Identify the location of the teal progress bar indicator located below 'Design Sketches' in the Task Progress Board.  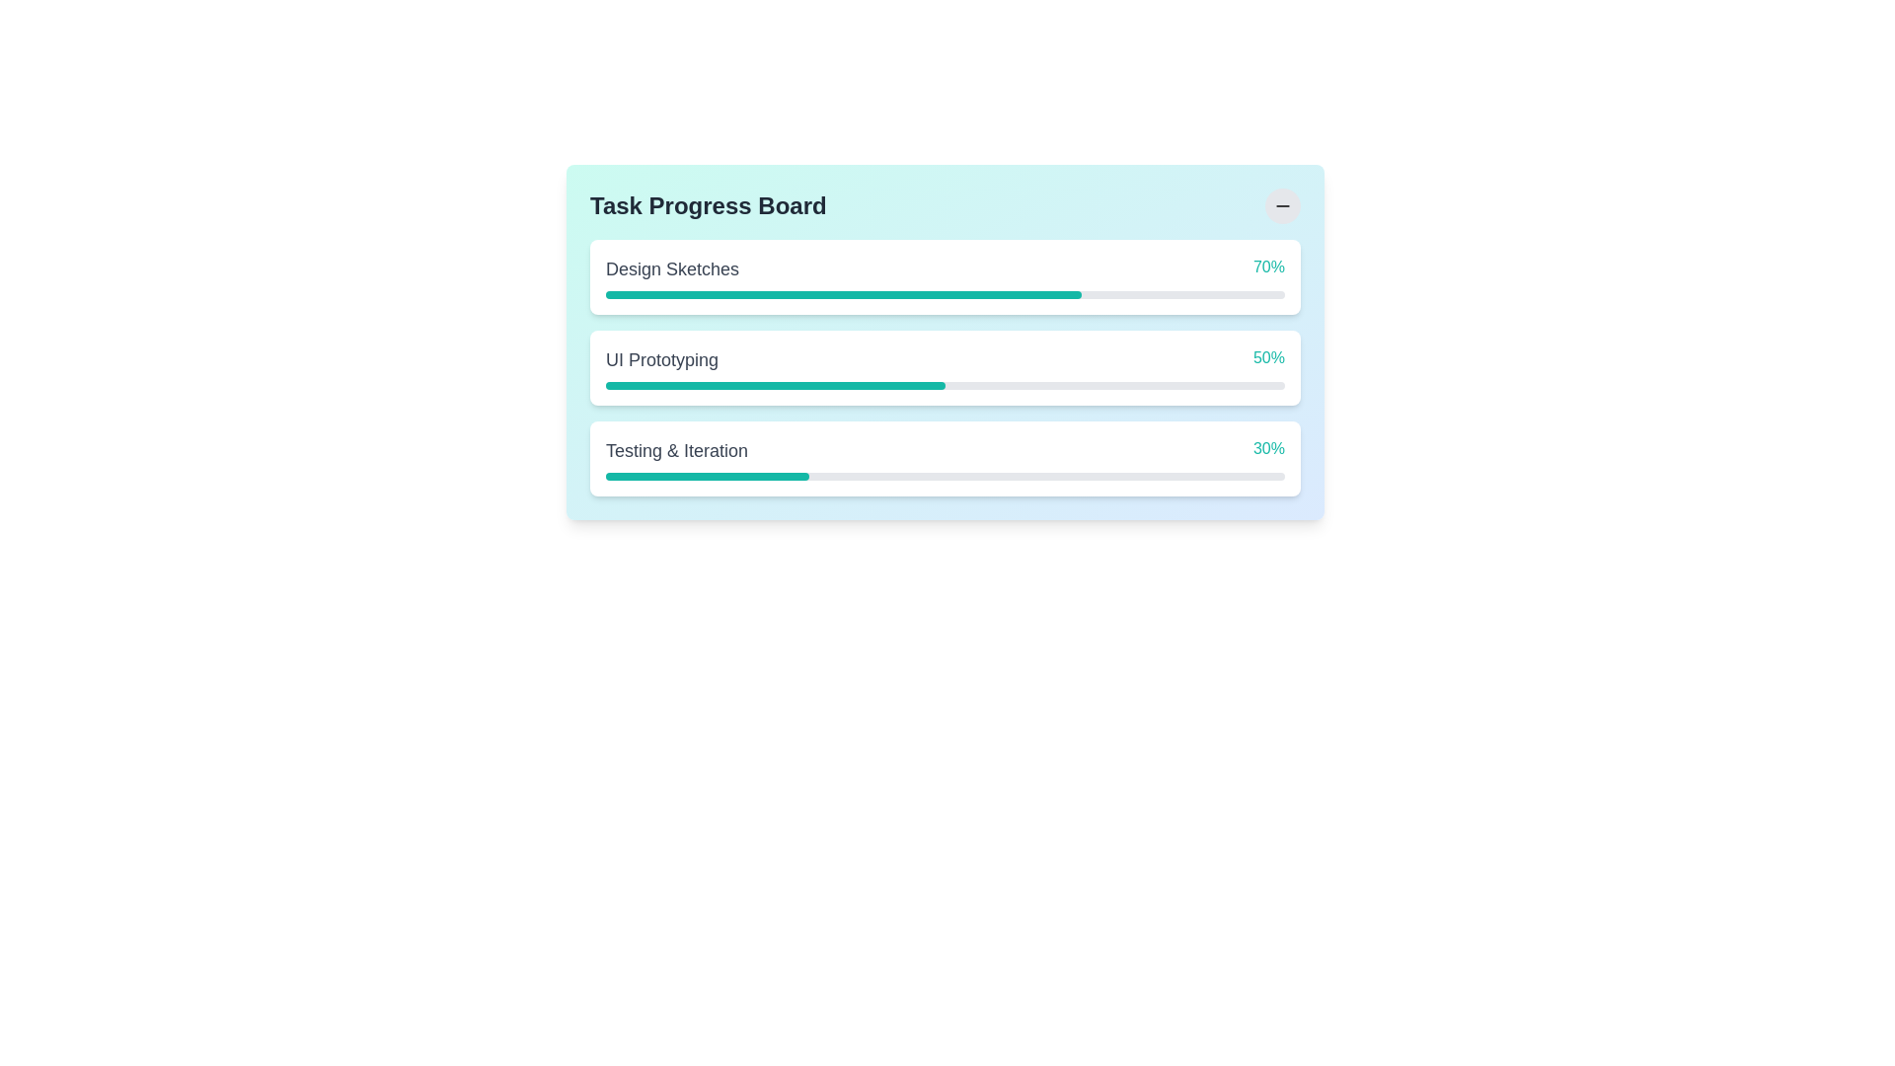
(843, 295).